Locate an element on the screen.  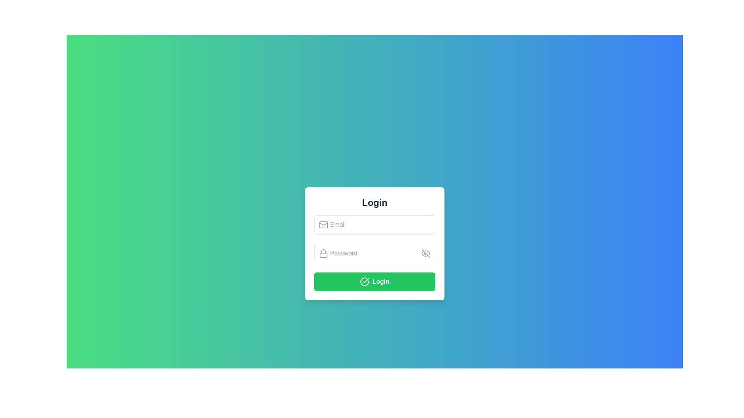
the visibility toggle button, which is an icon of an eye with a slash through it, located to the right of the password input field is located at coordinates (425, 253).